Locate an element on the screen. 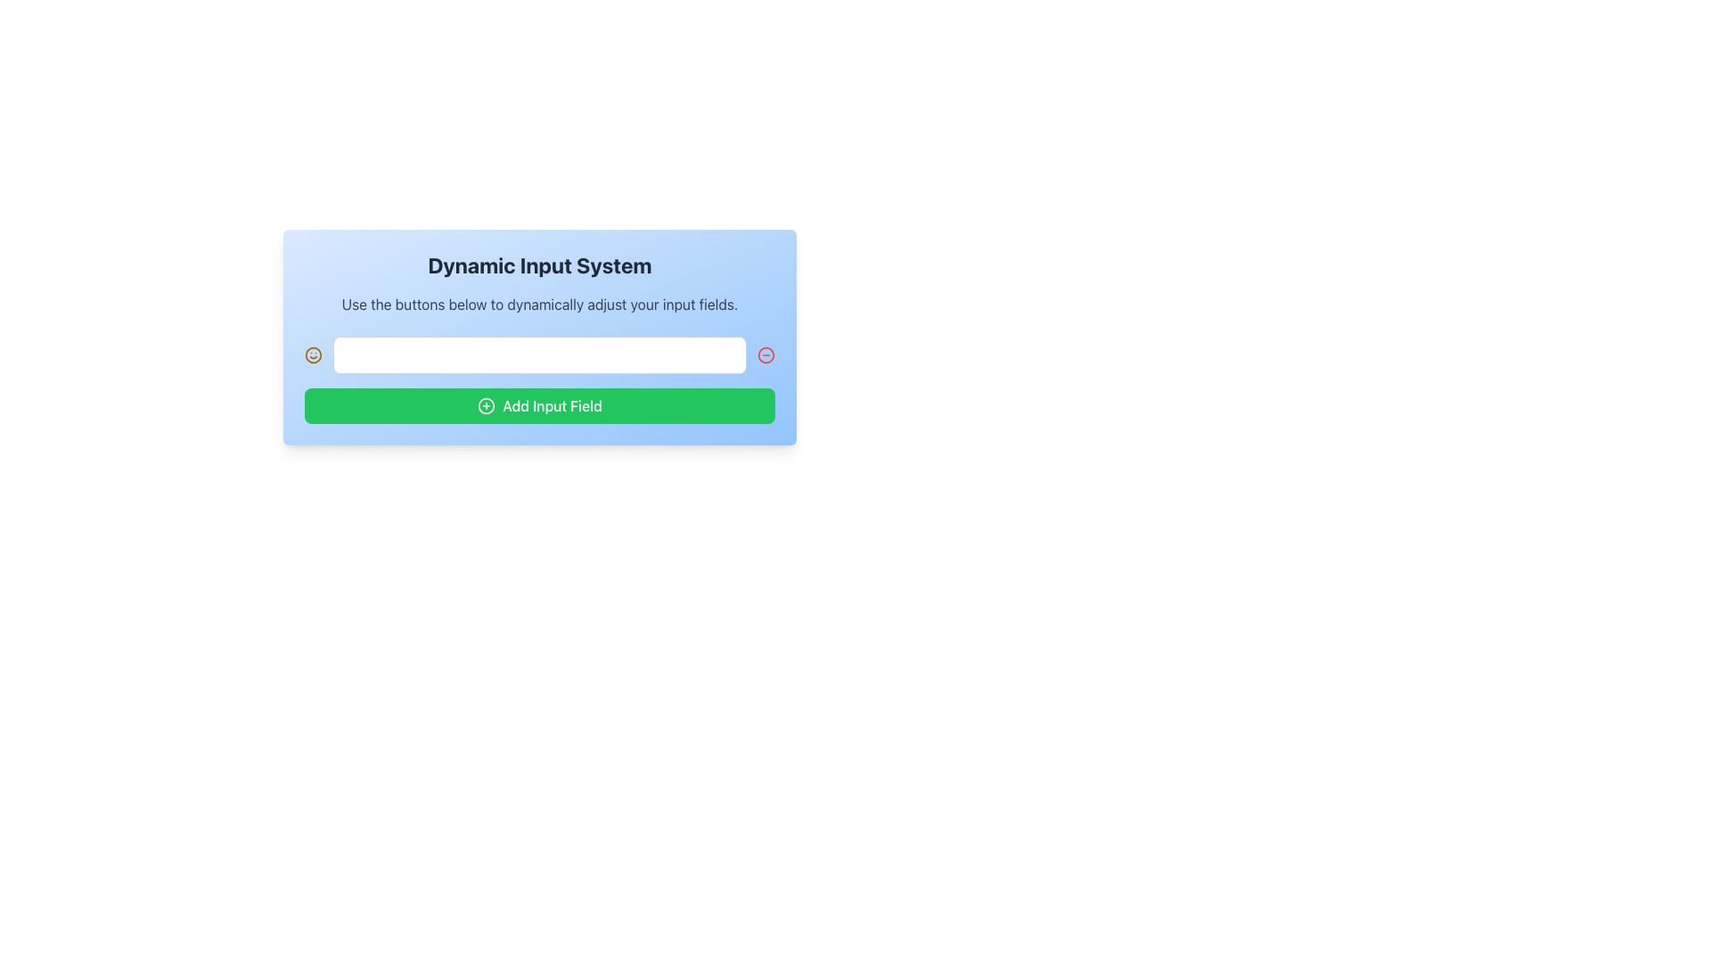  the 'remove field' button located immediately to the right of the text input field is located at coordinates (765, 355).